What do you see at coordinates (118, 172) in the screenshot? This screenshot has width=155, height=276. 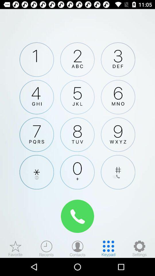 I see `click the pound button/change call` at bounding box center [118, 172].